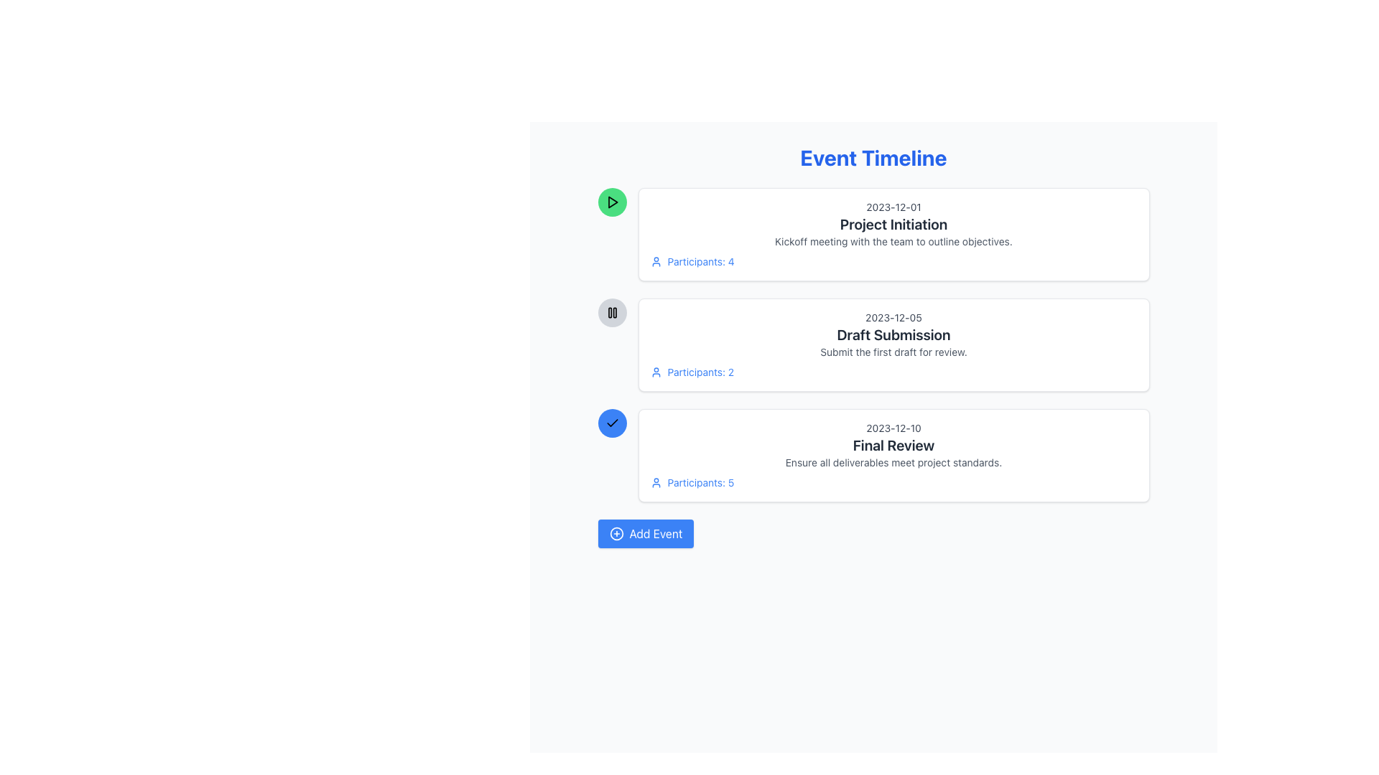  What do you see at coordinates (645, 534) in the screenshot?
I see `the button for adding a new event to the timeline, located at the bottom center of the interface` at bounding box center [645, 534].